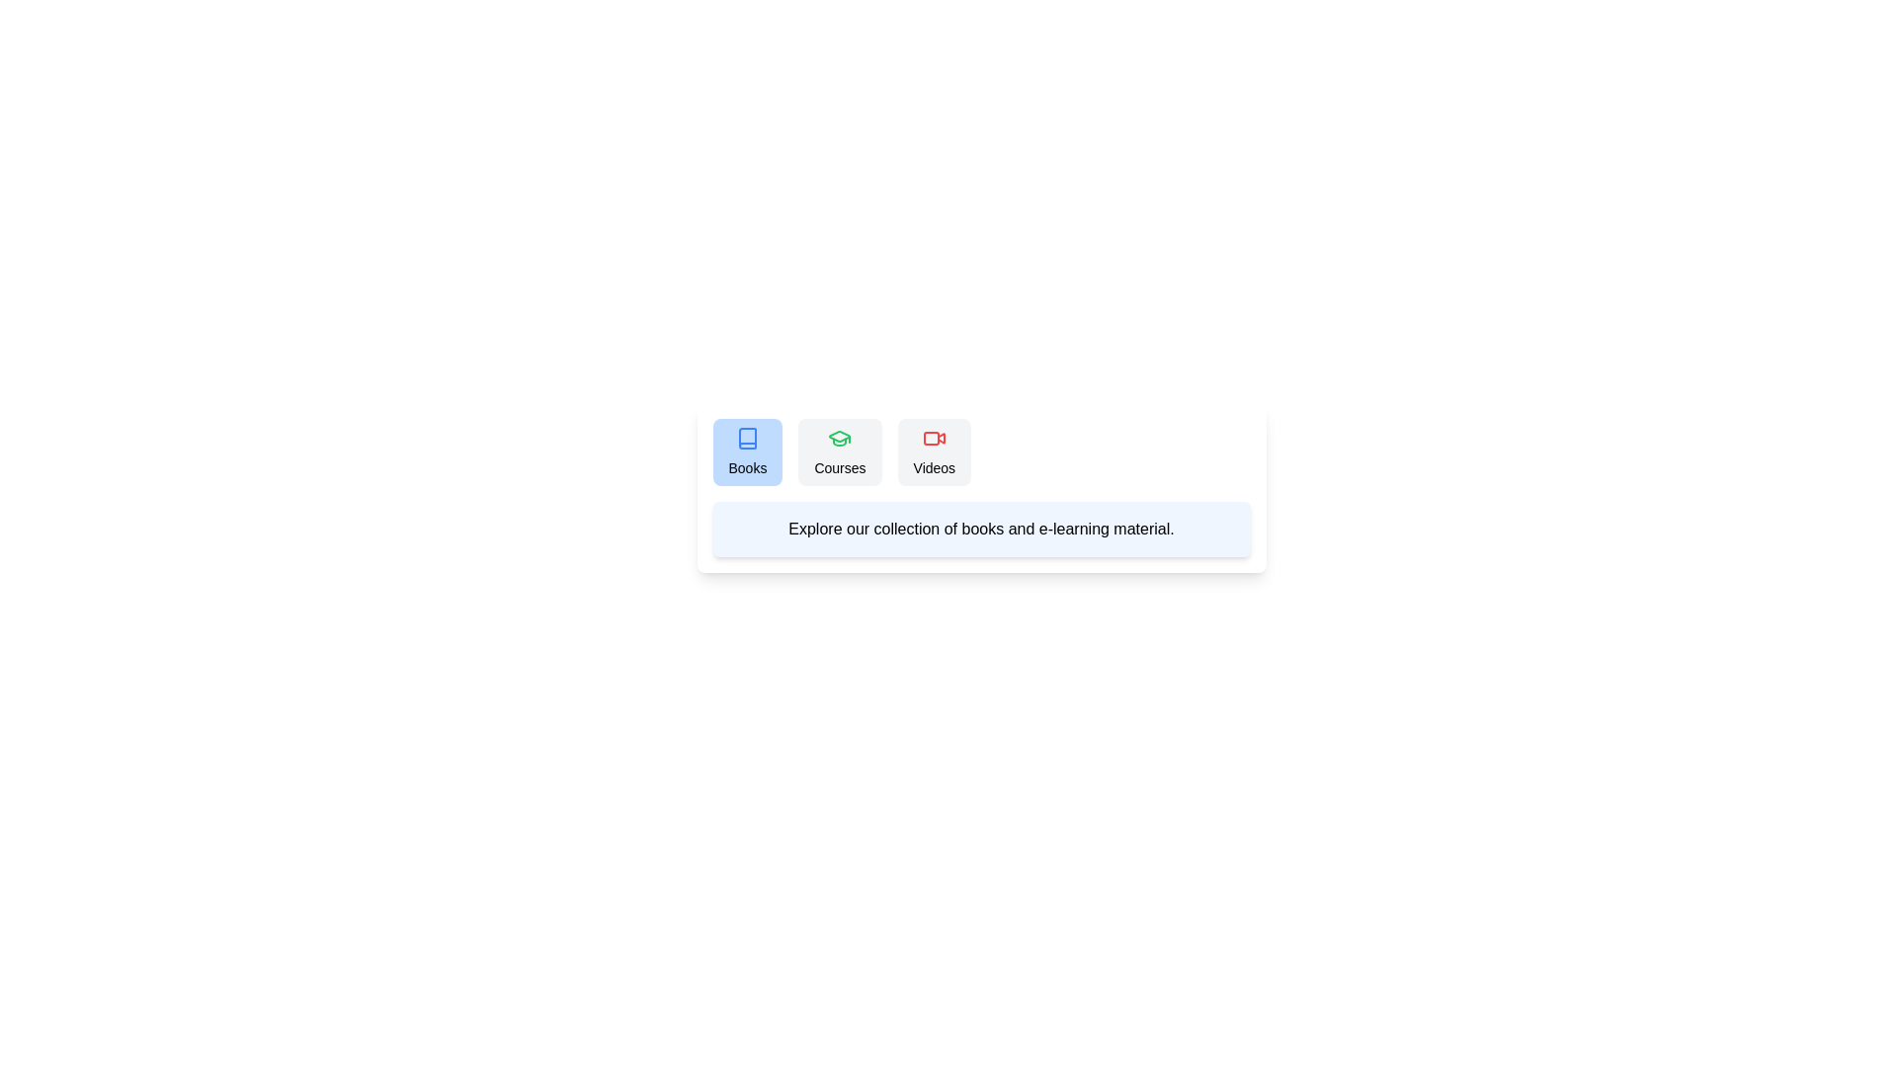 This screenshot has height=1067, width=1897. Describe the element at coordinates (840, 452) in the screenshot. I see `the Courses tab to view its content` at that location.